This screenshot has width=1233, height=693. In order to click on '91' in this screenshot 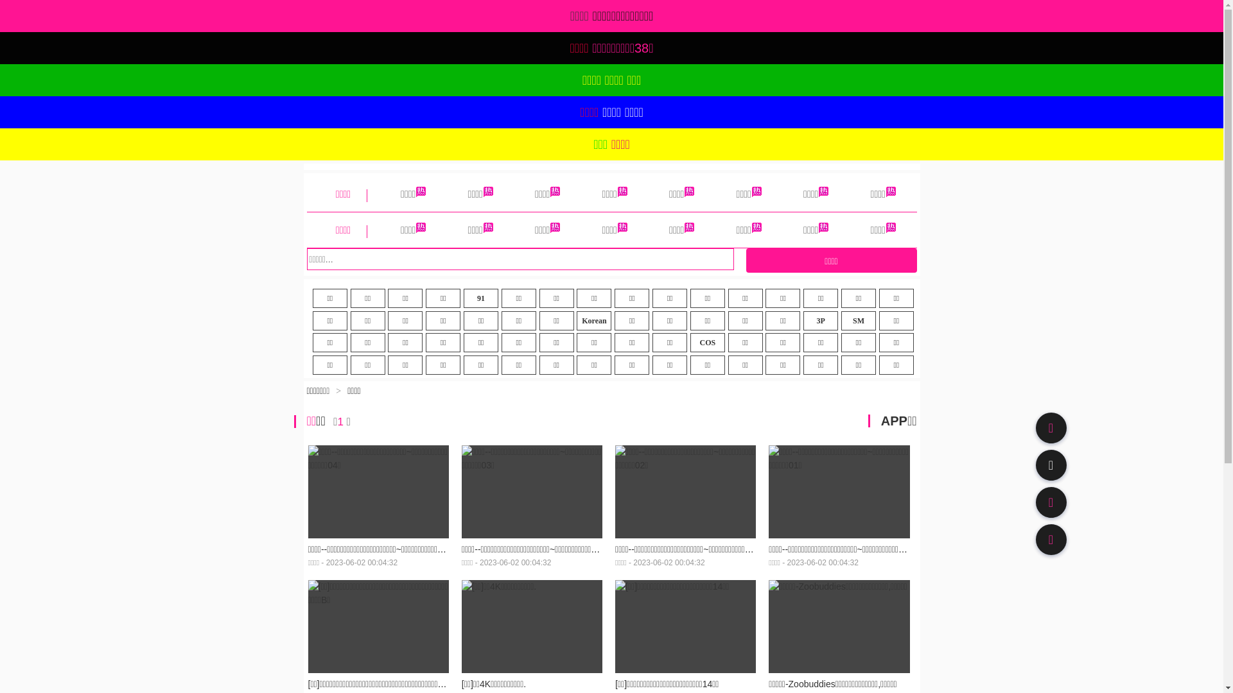, I will do `click(480, 298)`.